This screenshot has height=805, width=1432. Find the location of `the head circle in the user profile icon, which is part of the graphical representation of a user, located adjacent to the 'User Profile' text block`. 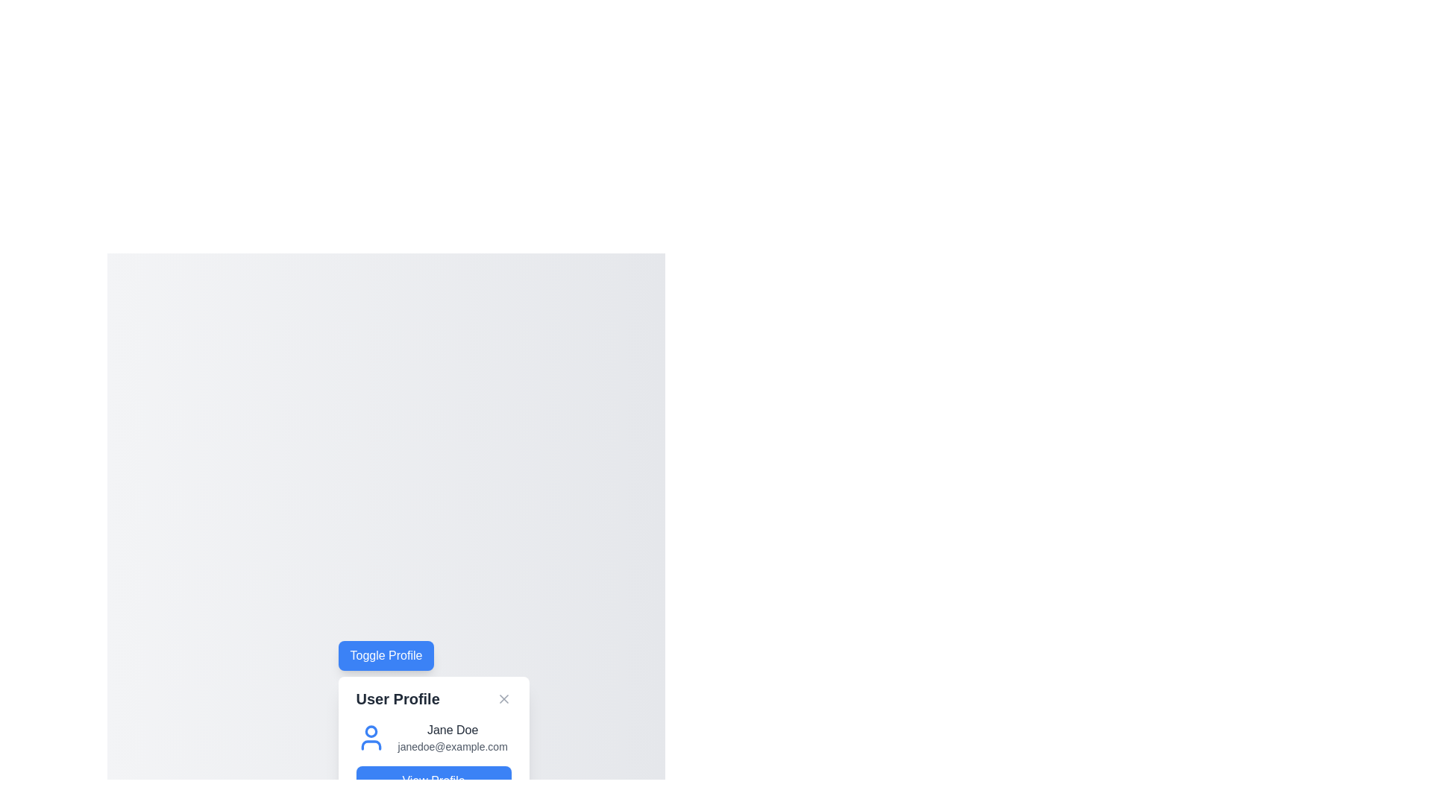

the head circle in the user profile icon, which is part of the graphical representation of a user, located adjacent to the 'User Profile' text block is located at coordinates (371, 730).